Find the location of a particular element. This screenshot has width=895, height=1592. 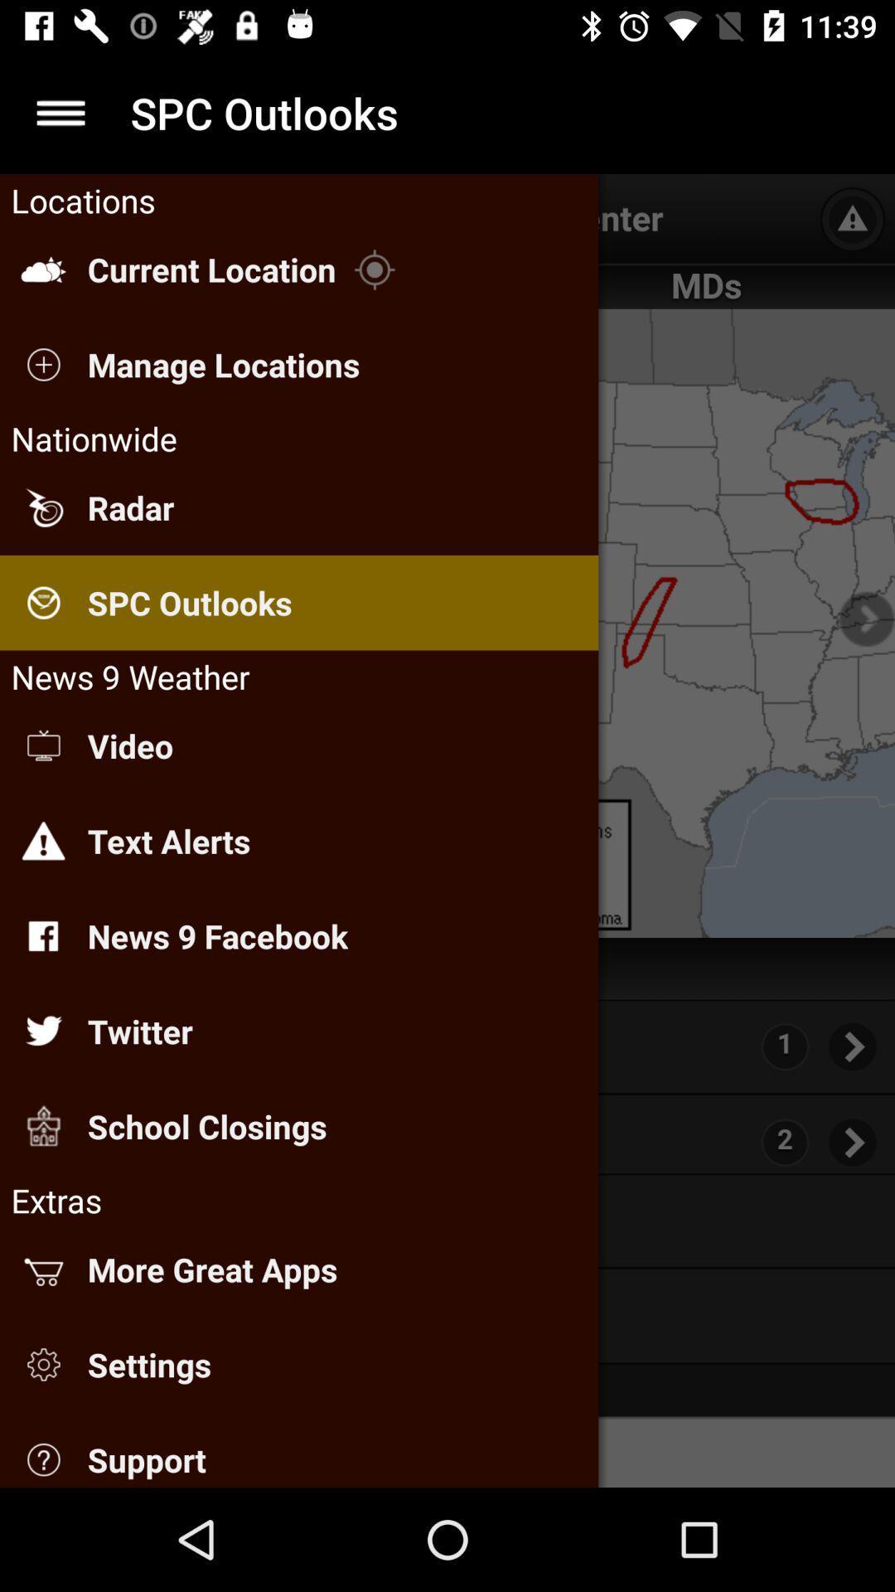

menu is located at coordinates (60, 112).